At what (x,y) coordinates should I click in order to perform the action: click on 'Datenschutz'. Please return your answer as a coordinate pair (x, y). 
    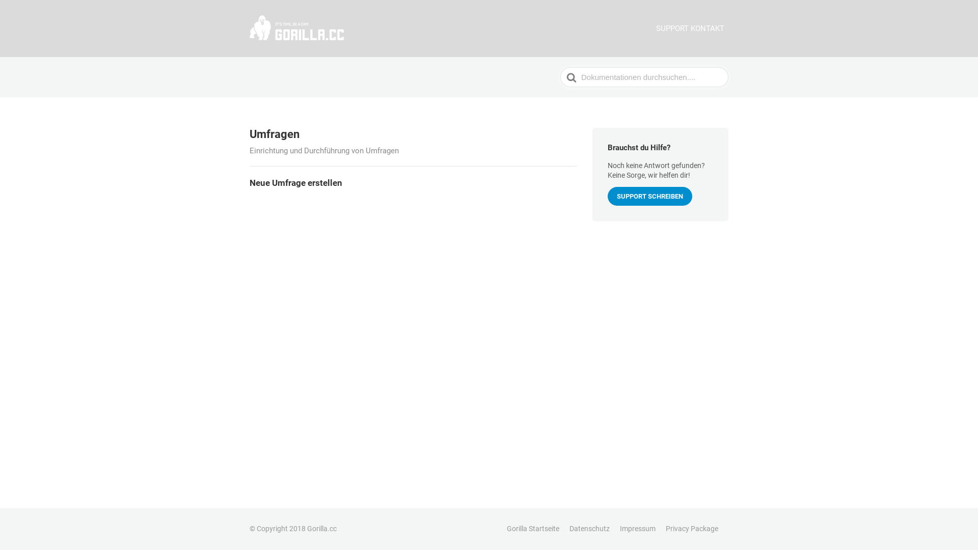
    Looking at the image, I should click on (589, 528).